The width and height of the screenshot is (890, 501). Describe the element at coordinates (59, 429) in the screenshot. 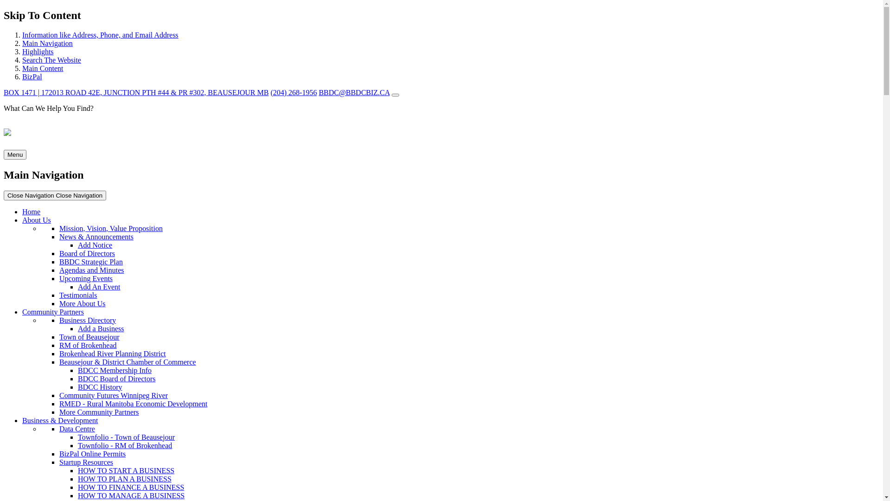

I see `'Data Centre'` at that location.